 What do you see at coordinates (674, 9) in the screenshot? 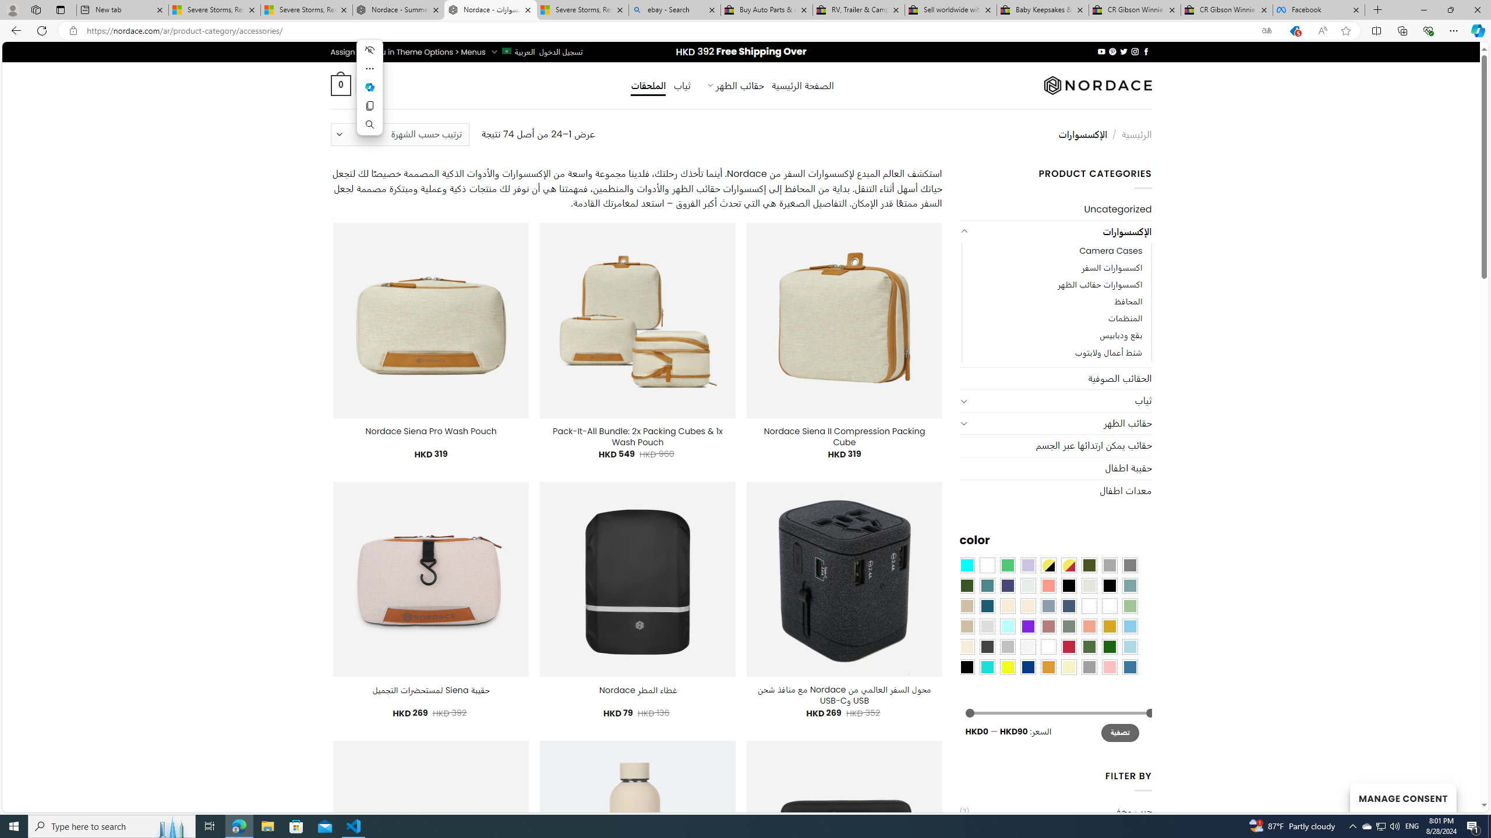
I see `'ebay - Search'` at bounding box center [674, 9].